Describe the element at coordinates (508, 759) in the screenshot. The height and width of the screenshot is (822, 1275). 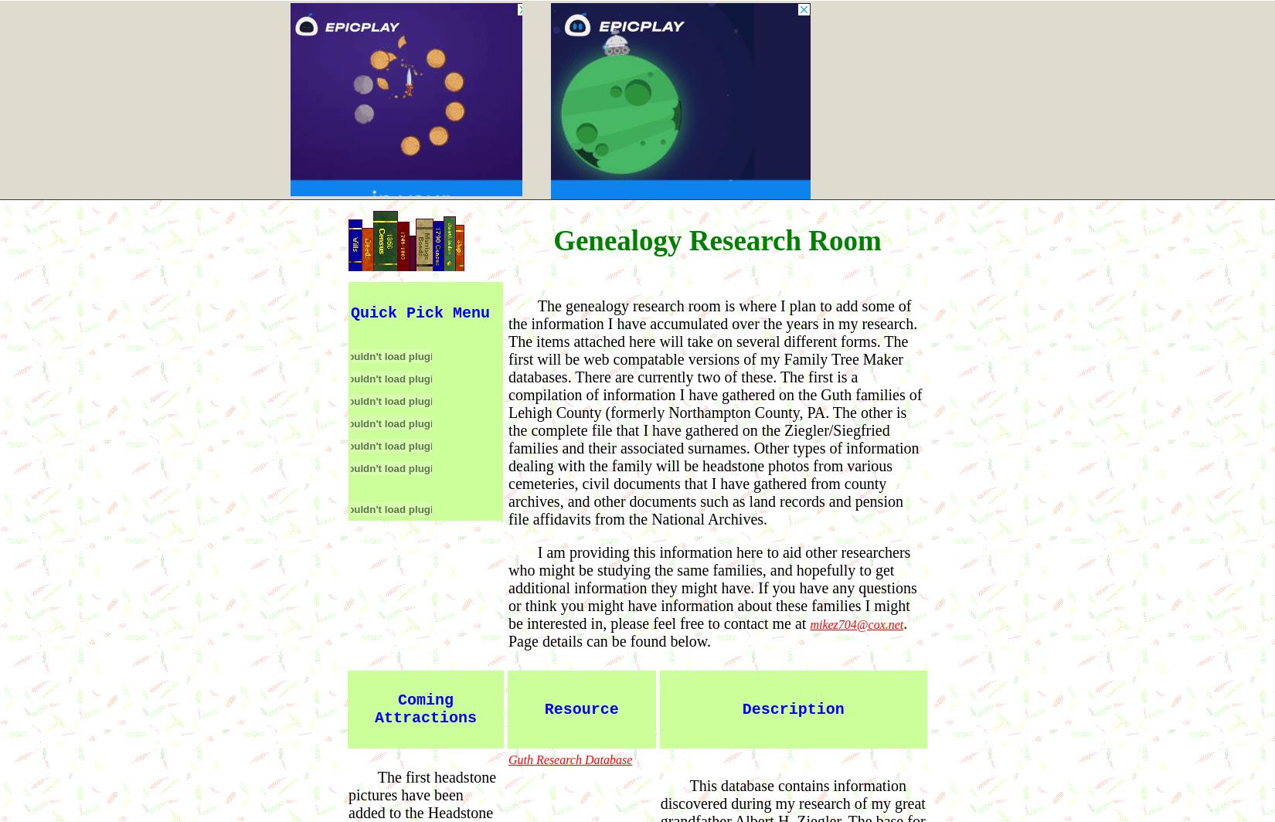
I see `'Guth Research Database'` at that location.